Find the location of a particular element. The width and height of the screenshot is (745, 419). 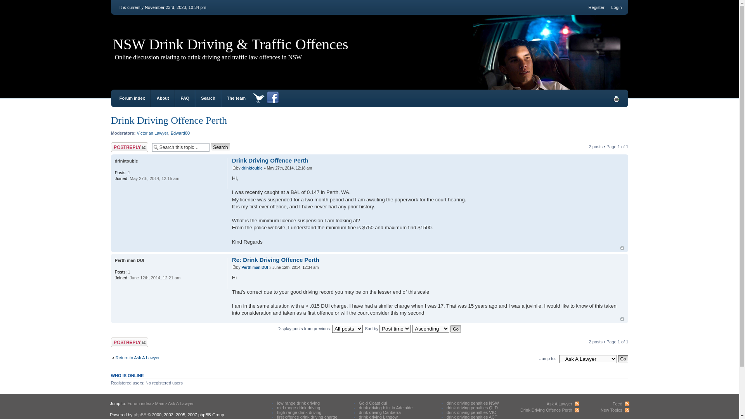

'low range drink driving' is located at coordinates (298, 402).